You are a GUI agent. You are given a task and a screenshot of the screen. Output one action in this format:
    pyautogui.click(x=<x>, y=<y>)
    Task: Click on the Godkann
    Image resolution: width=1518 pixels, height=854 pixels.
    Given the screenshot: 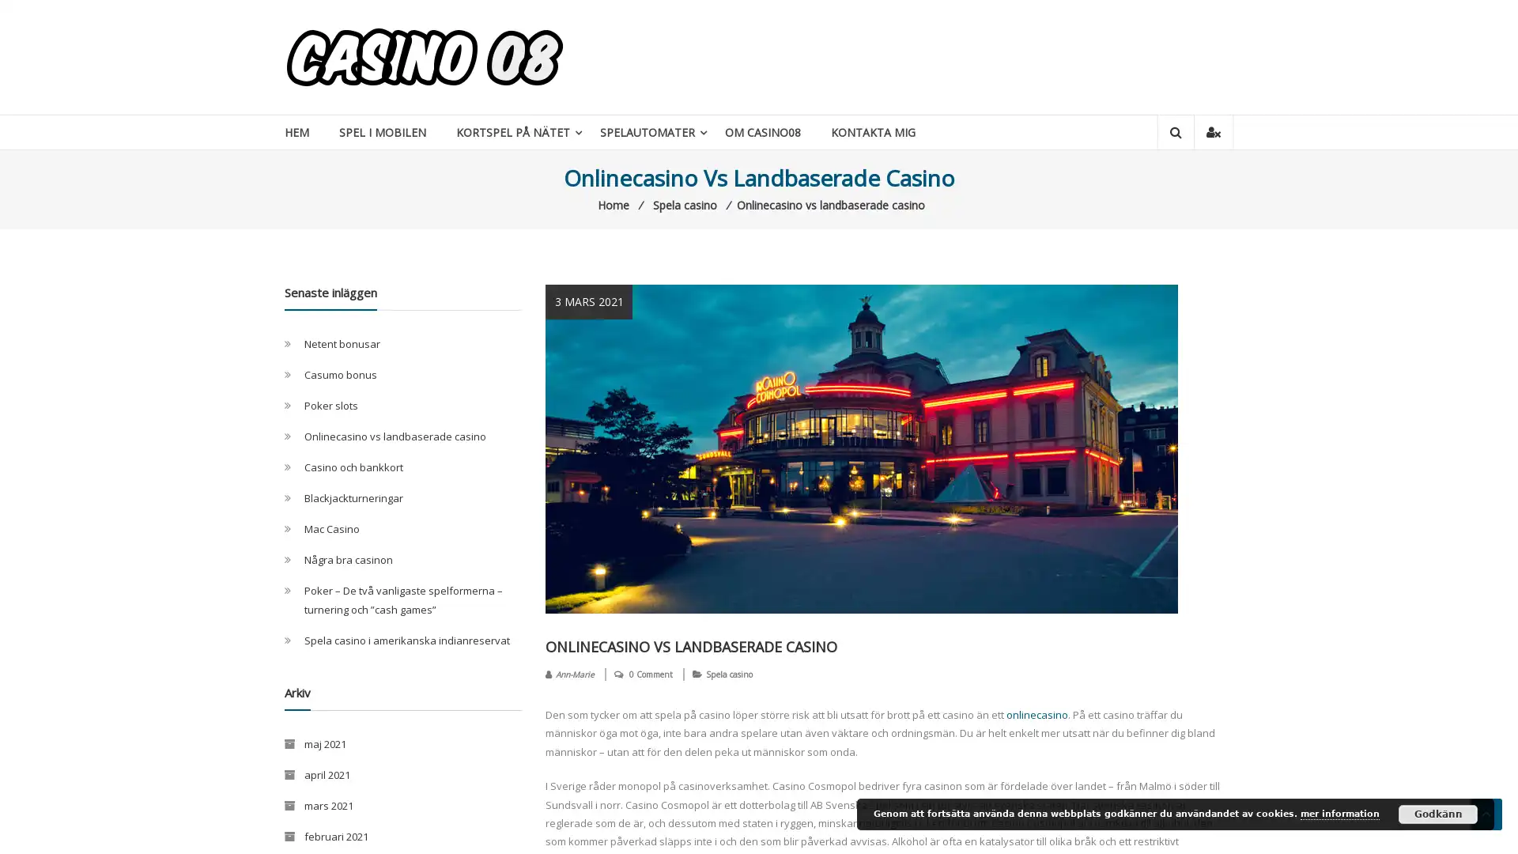 What is the action you would take?
    pyautogui.click(x=1438, y=814)
    